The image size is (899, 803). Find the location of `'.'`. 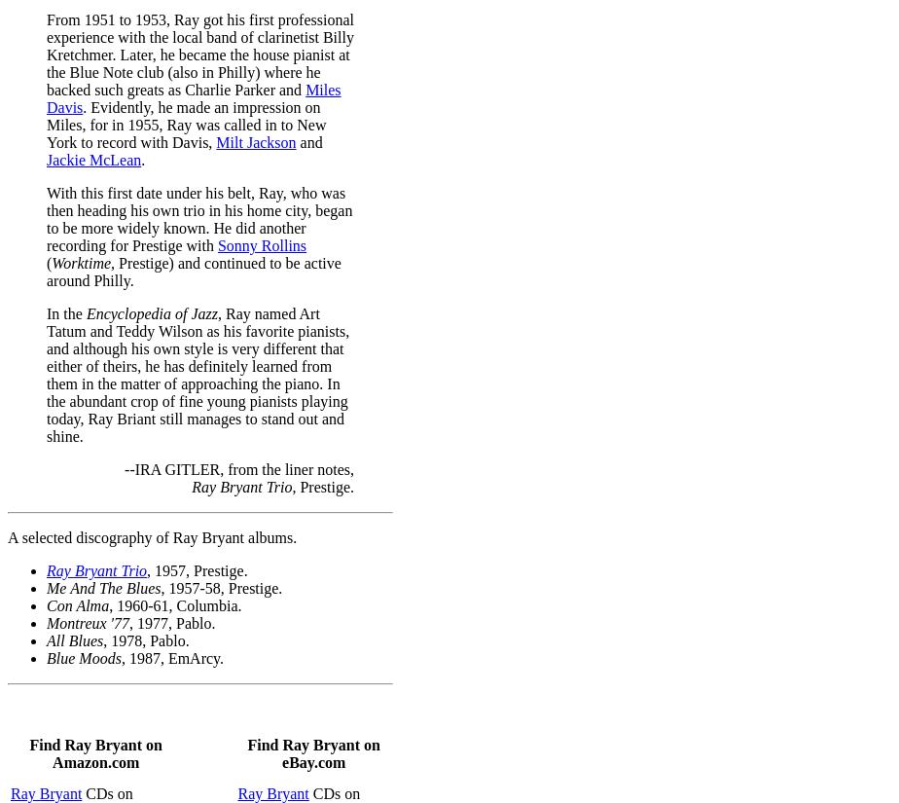

'.' is located at coordinates (143, 159).